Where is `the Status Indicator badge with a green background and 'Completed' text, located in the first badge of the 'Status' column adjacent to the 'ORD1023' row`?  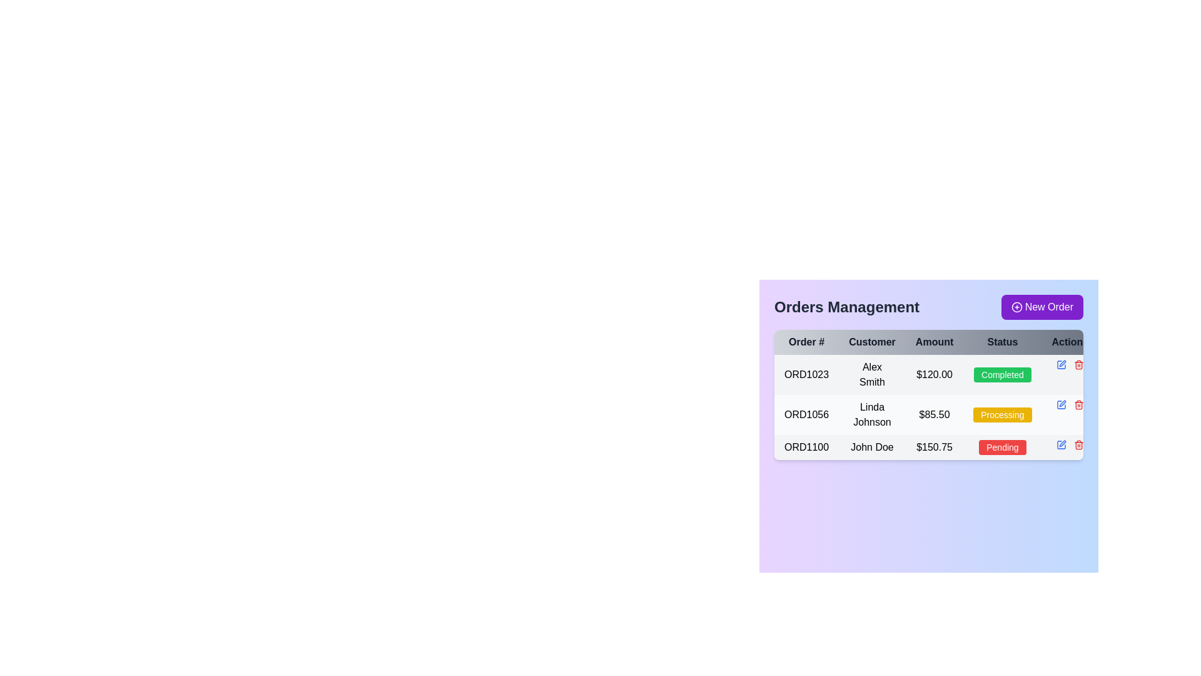
the Status Indicator badge with a green background and 'Completed' text, located in the first badge of the 'Status' column adjacent to the 'ORD1023' row is located at coordinates (1002, 374).